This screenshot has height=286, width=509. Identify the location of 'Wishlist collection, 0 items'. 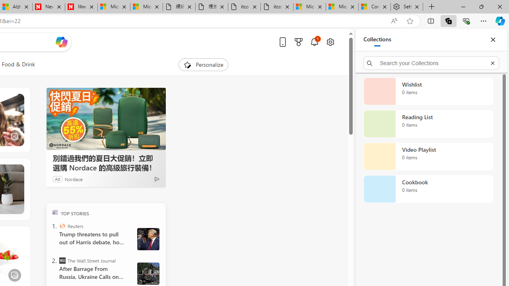
(428, 91).